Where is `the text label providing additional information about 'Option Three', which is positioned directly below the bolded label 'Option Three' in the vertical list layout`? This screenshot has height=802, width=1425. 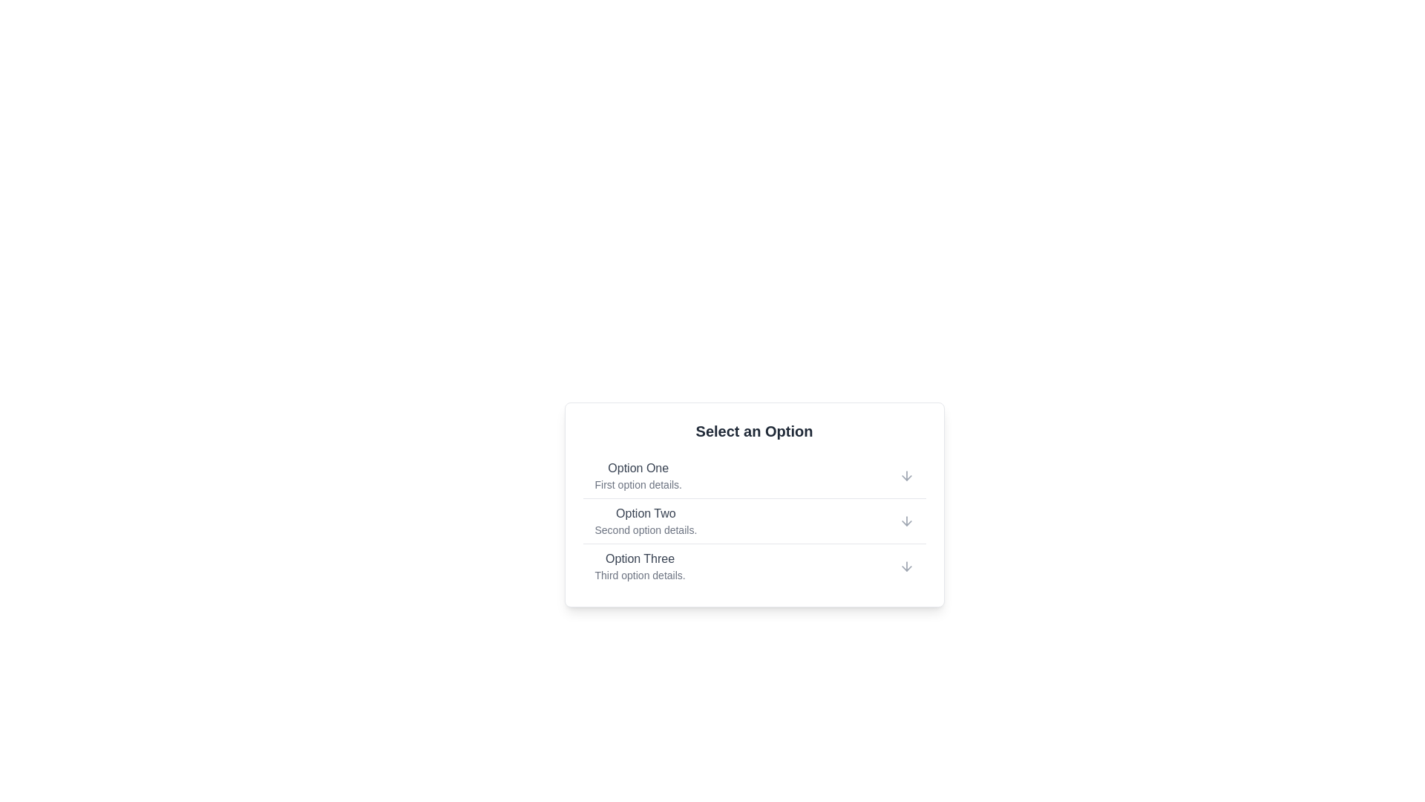 the text label providing additional information about 'Option Three', which is positioned directly below the bolded label 'Option Three' in the vertical list layout is located at coordinates (640, 575).